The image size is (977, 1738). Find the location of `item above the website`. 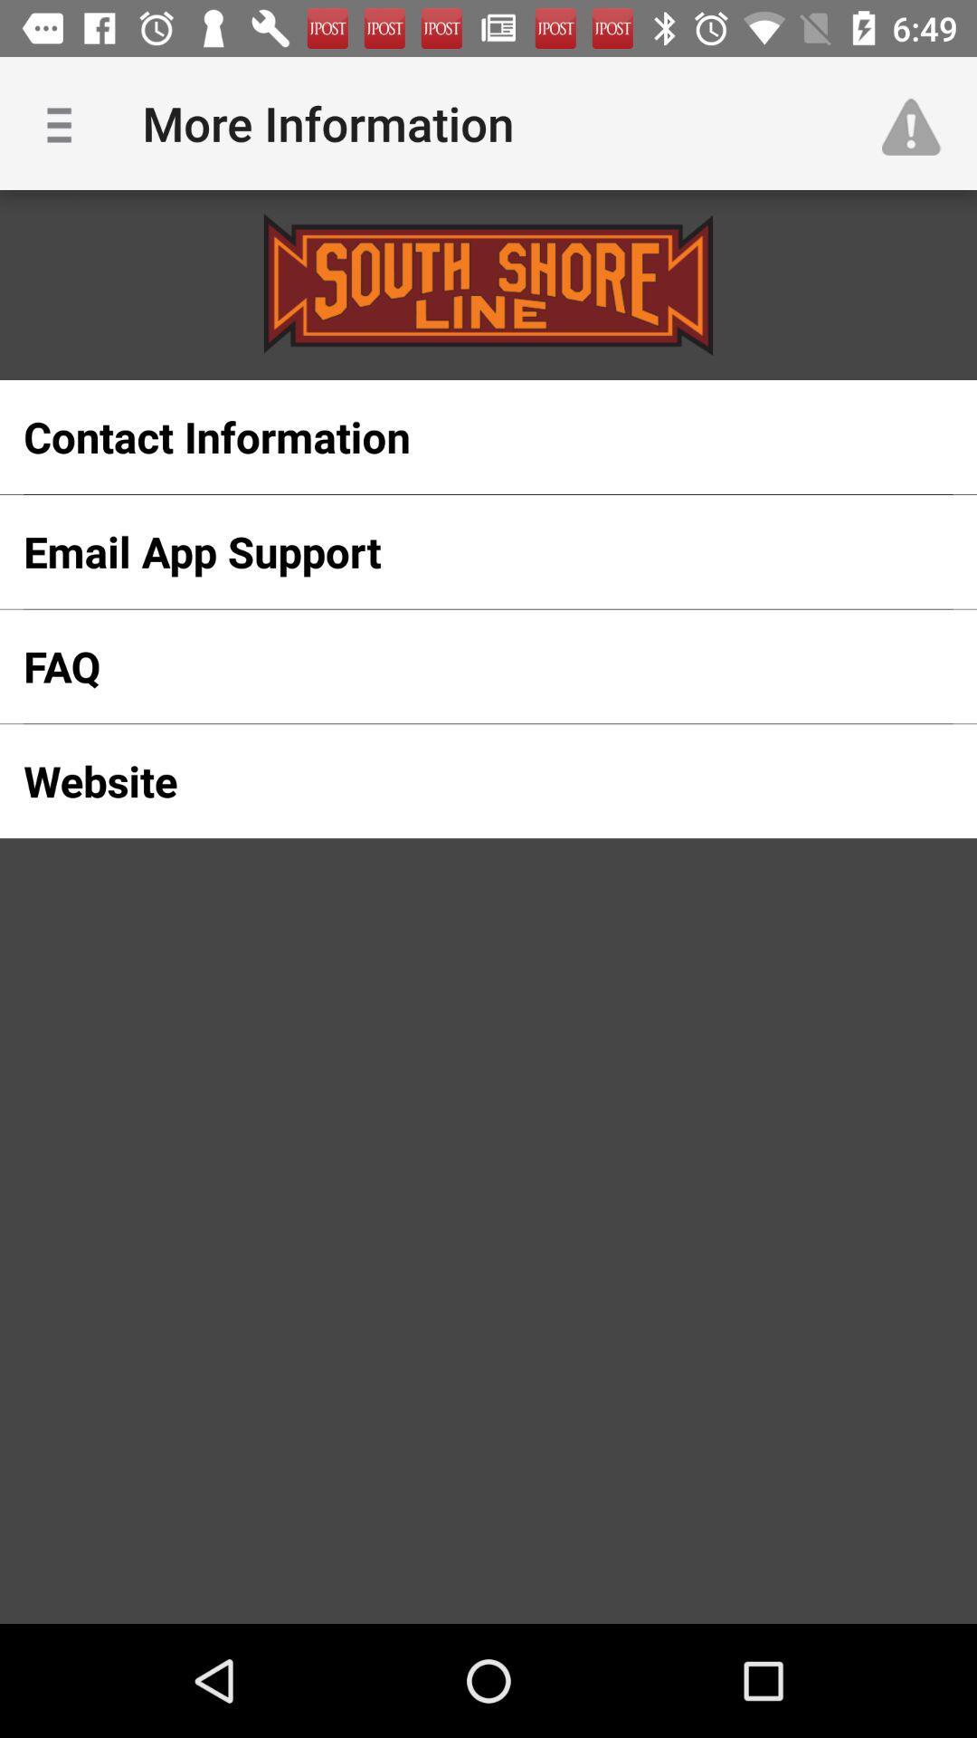

item above the website is located at coordinates (459, 665).